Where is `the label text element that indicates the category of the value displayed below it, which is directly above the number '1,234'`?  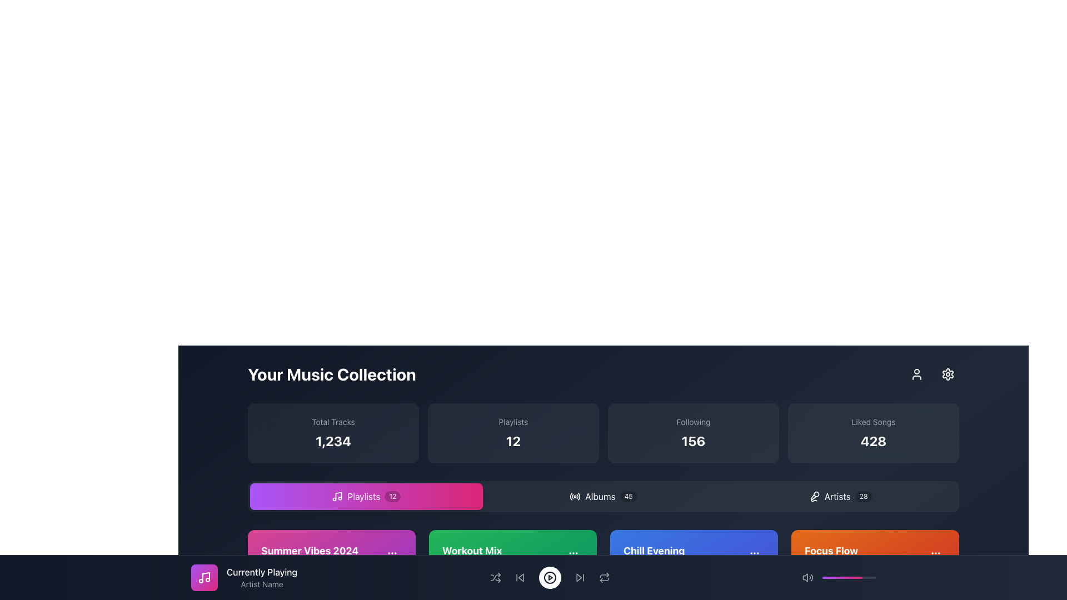
the label text element that indicates the category of the value displayed below it, which is directly above the number '1,234' is located at coordinates (333, 422).